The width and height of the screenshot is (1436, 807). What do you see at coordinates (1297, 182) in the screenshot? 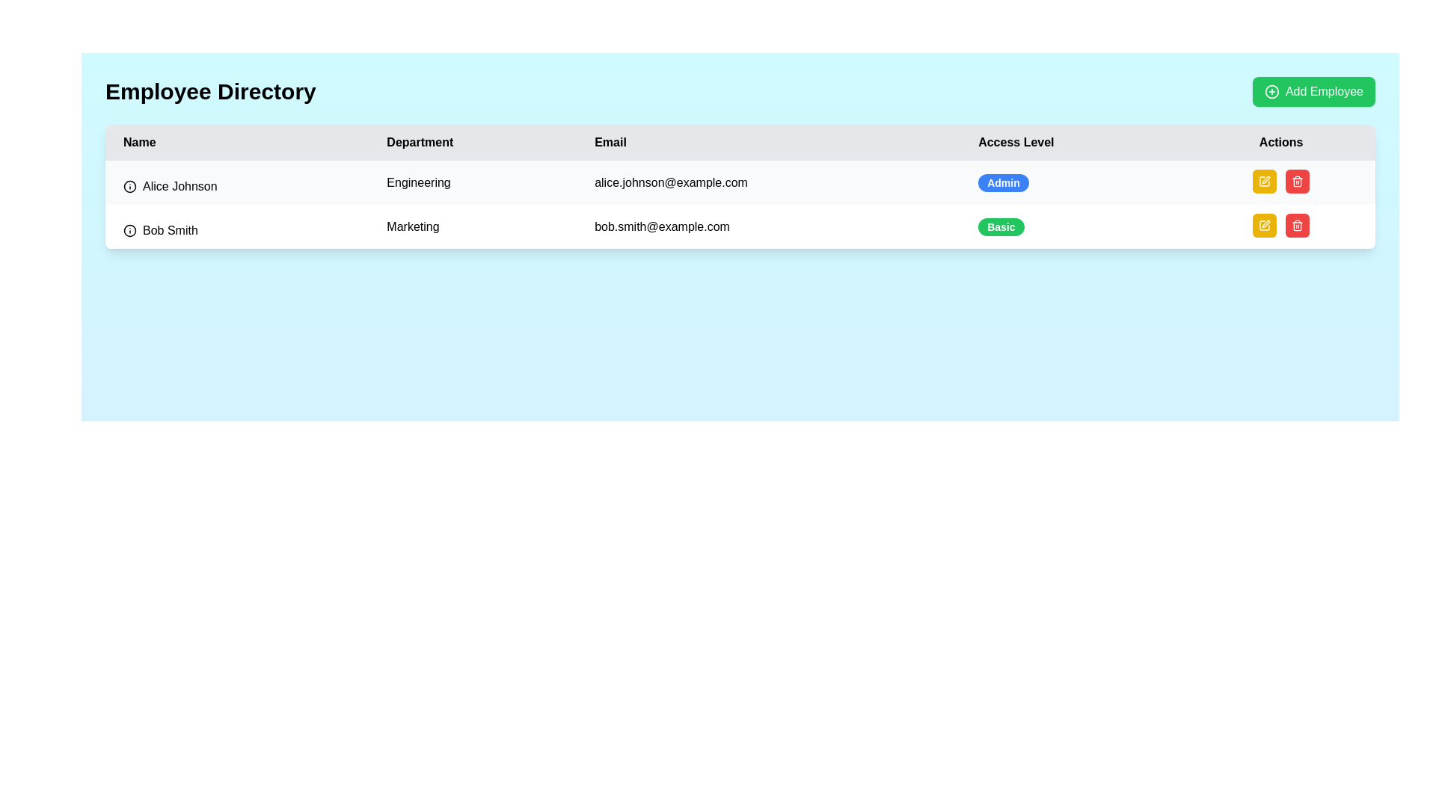
I see `the delete button in the 'Actions' column of the second row` at bounding box center [1297, 182].